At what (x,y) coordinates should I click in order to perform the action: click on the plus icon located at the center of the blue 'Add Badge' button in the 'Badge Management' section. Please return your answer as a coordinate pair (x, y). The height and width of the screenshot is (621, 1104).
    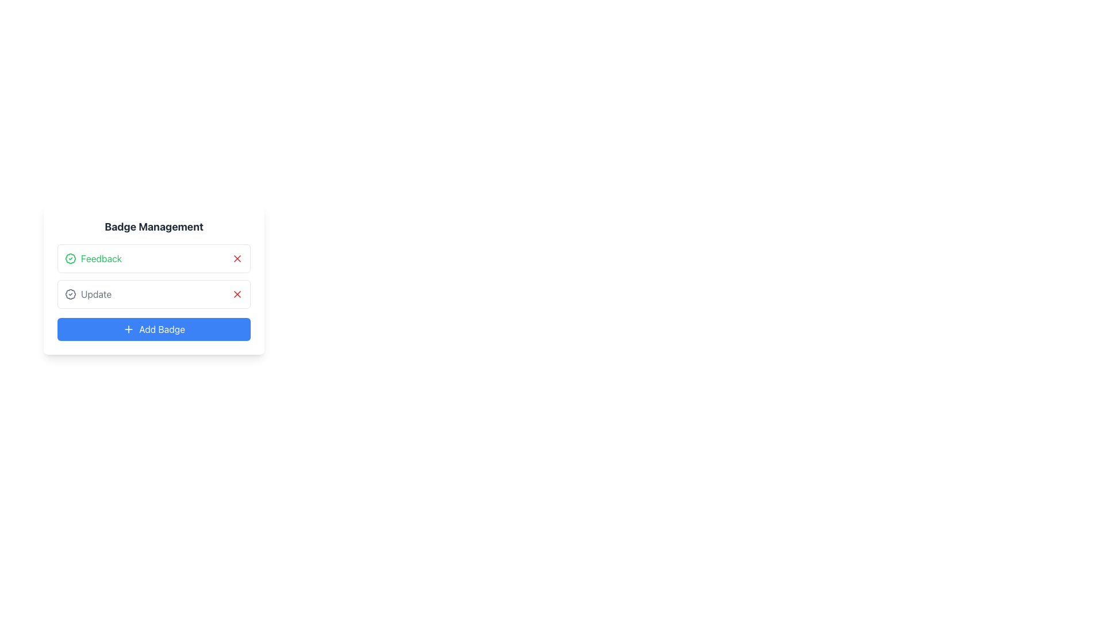
    Looking at the image, I should click on (129, 329).